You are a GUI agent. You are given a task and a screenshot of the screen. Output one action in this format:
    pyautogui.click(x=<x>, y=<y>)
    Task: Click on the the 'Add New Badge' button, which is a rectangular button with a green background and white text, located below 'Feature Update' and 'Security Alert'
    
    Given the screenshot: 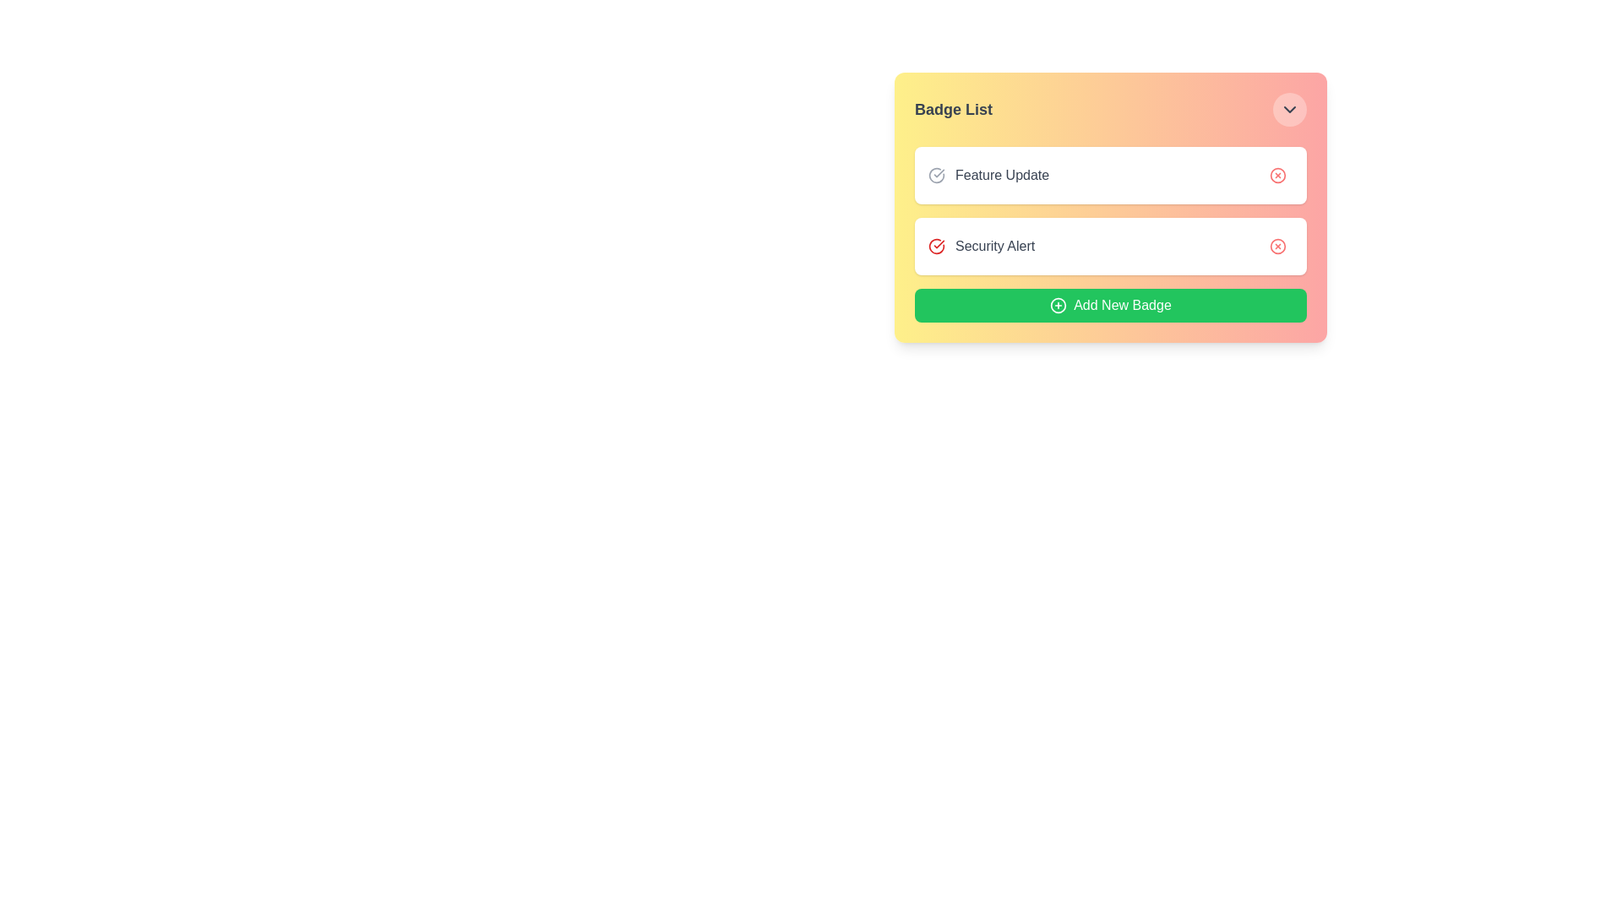 What is the action you would take?
    pyautogui.click(x=1111, y=306)
    